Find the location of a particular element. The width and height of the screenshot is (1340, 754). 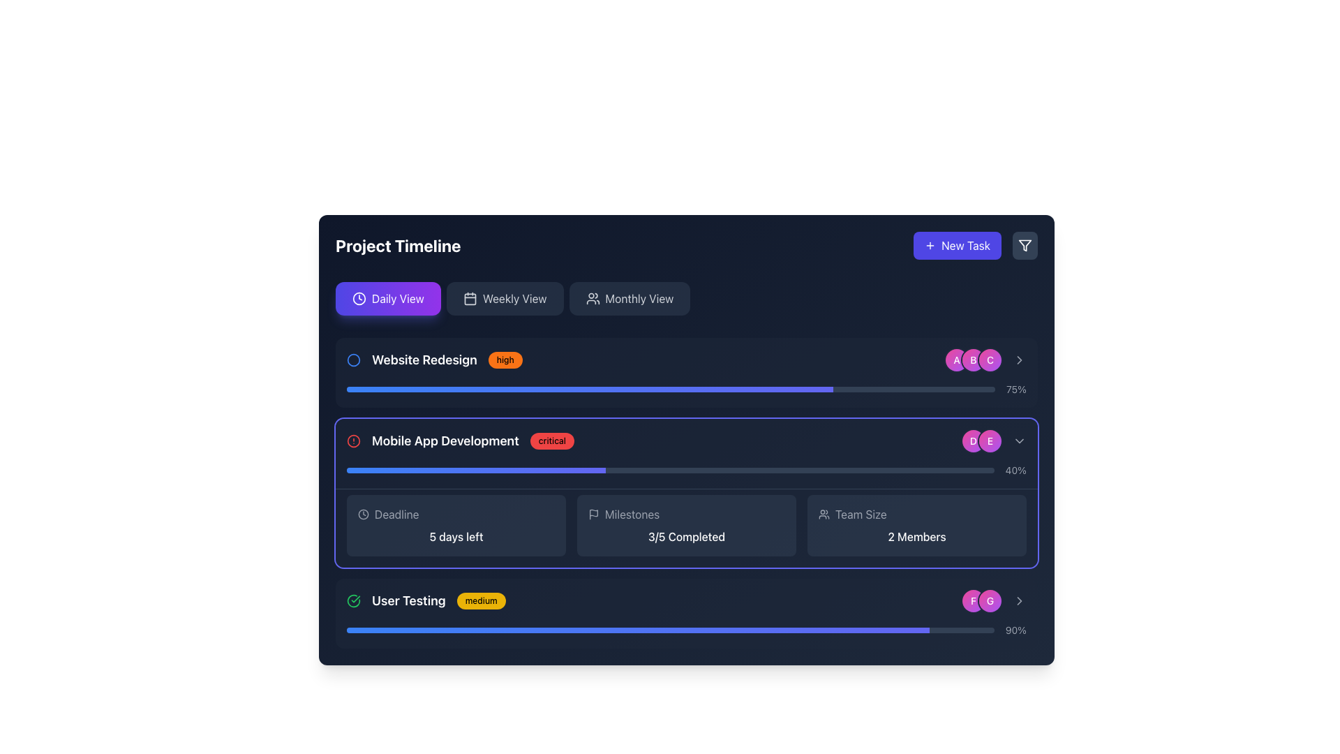

the alert icon located to the left of the 'Mobile App Development' text in the project timeline interface, which is visually indicating the critical status of the associated task is located at coordinates (354, 441).